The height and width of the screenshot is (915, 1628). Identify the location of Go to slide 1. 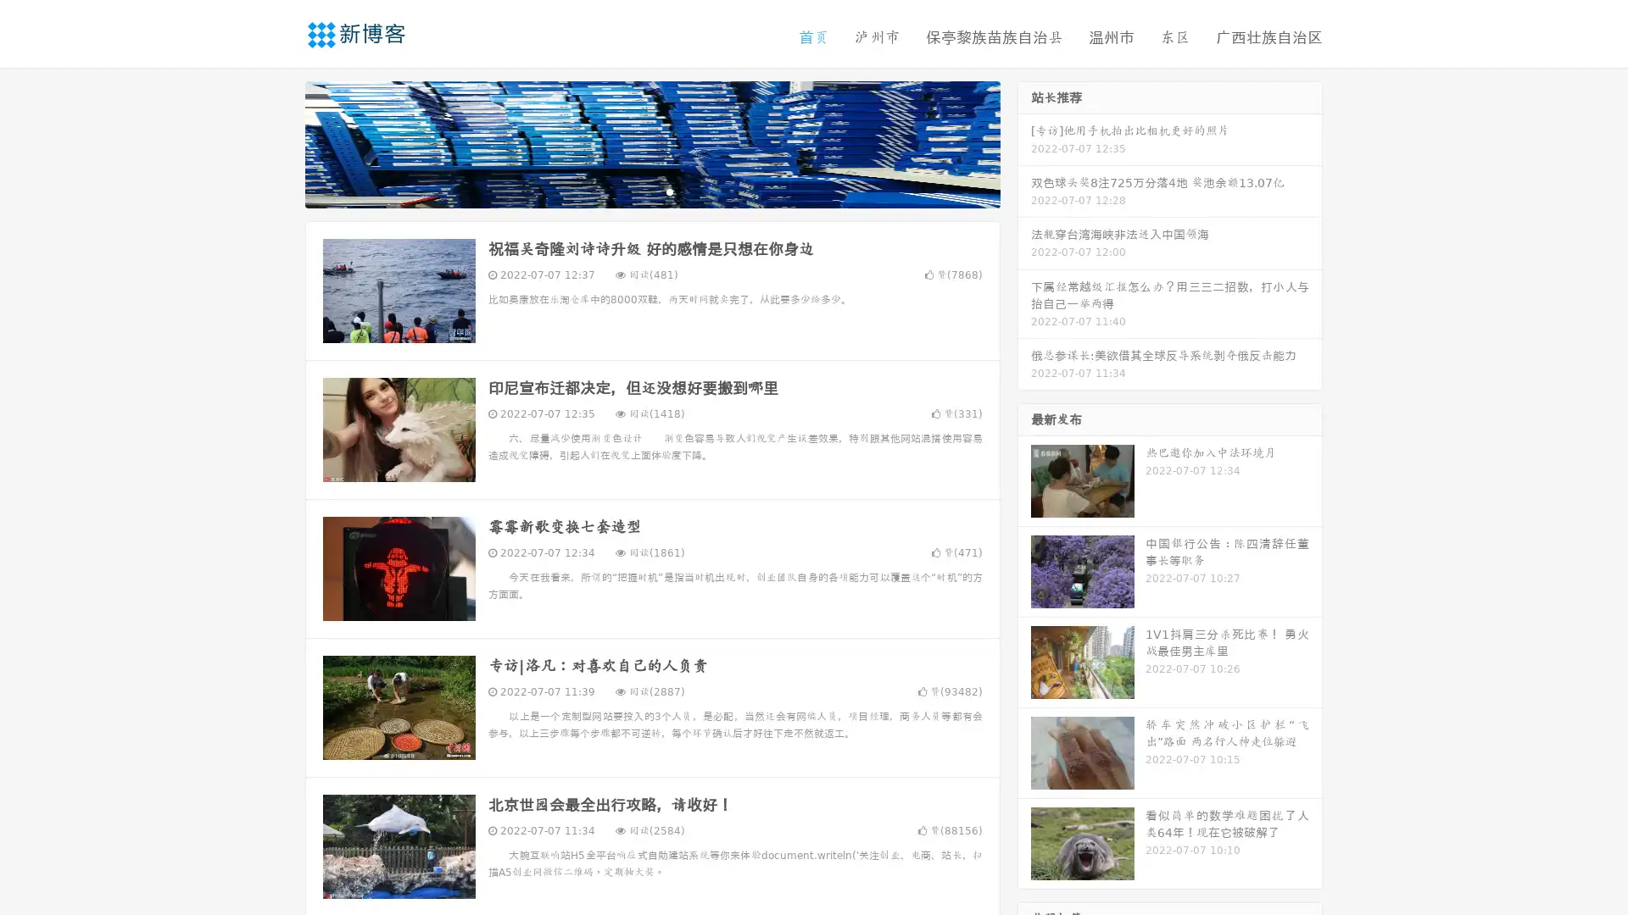
(634, 191).